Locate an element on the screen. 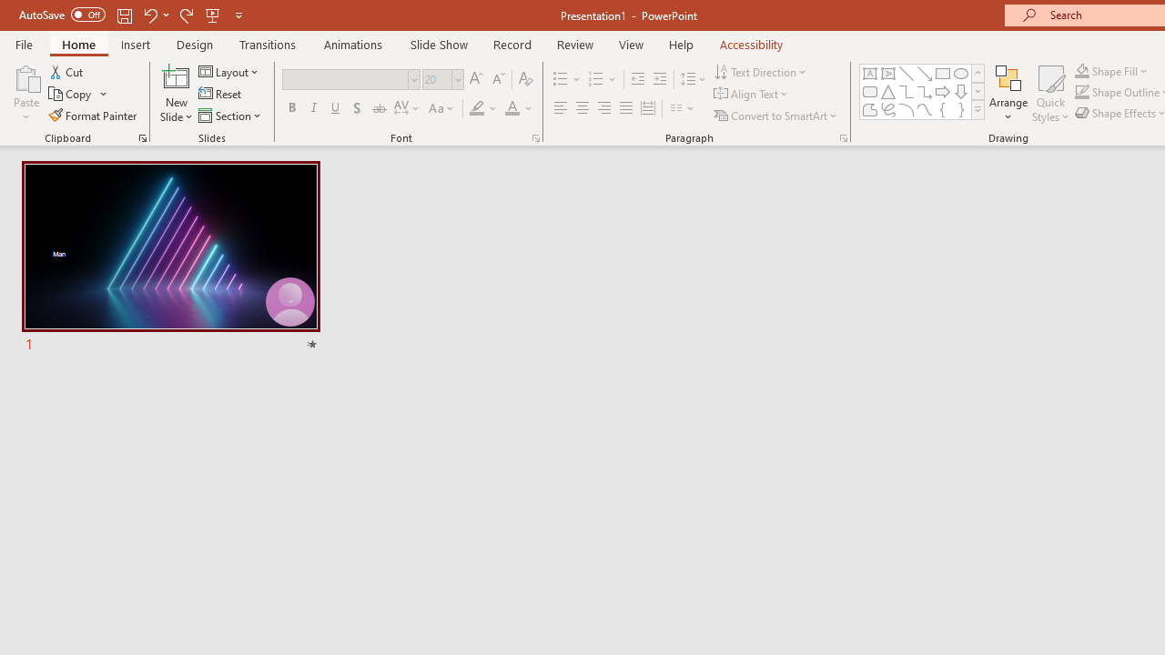 This screenshot has height=655, width=1165. 'Text Direction' is located at coordinates (762, 71).